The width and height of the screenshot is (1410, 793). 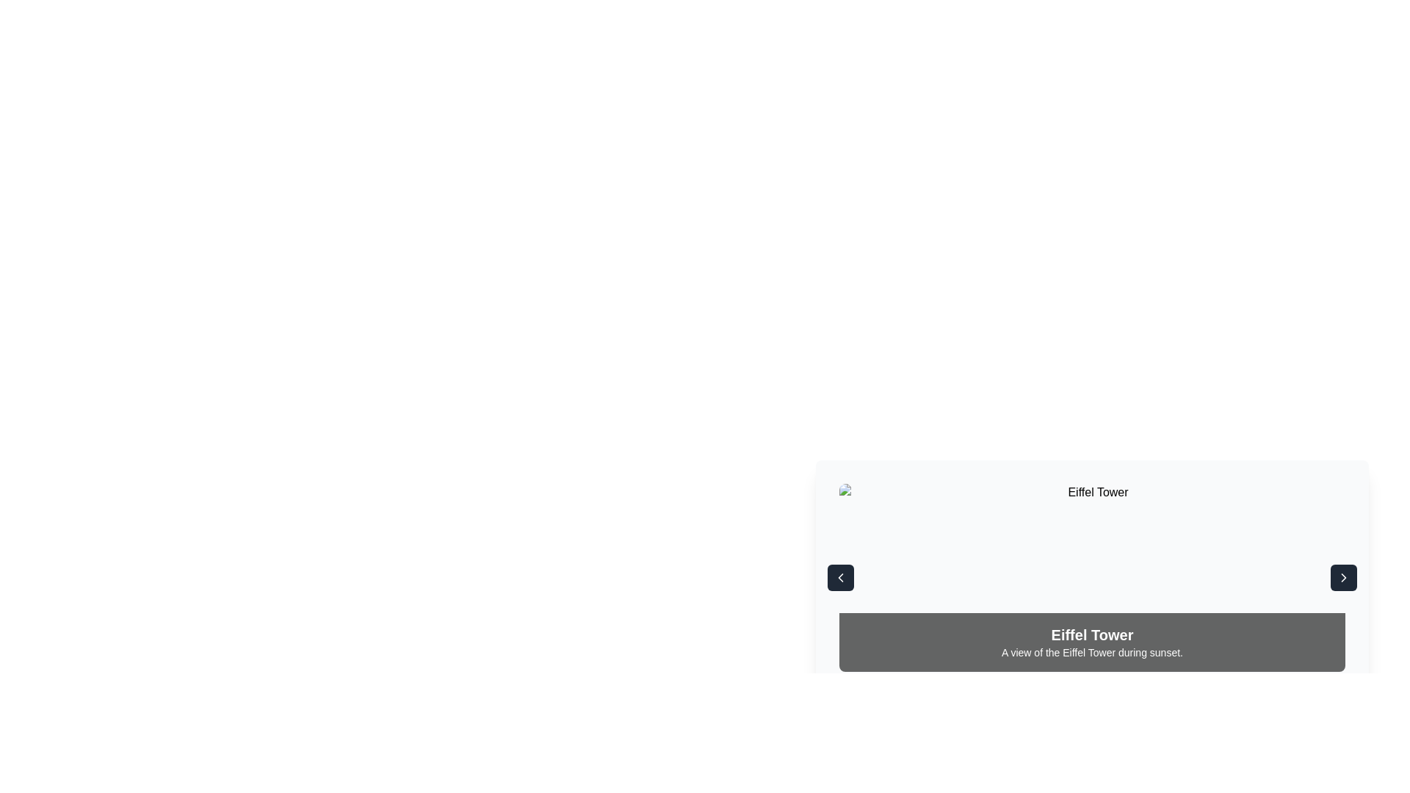 I want to click on the chevron-shaped arrow icon pointing to the right, located near the right edge of the interface, so click(x=1343, y=576).